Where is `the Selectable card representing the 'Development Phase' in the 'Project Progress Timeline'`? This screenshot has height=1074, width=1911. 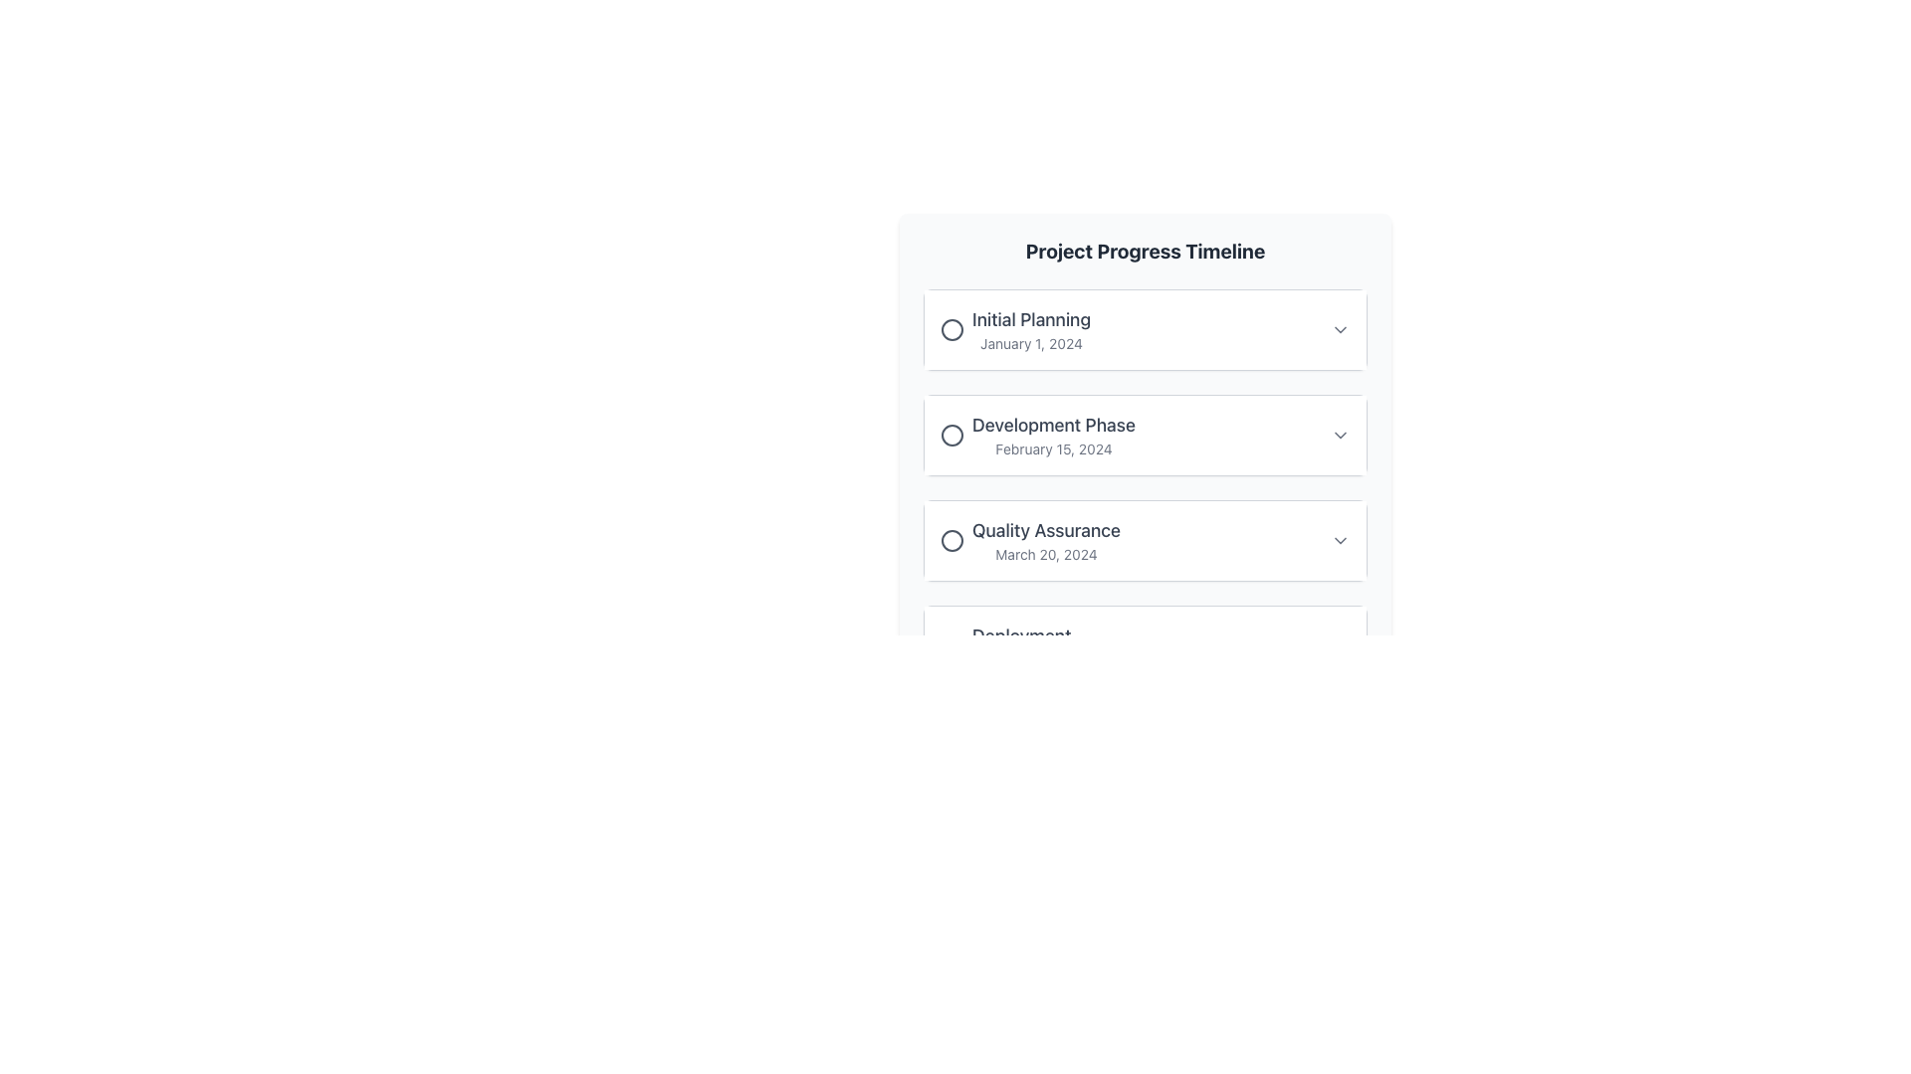 the Selectable card representing the 'Development Phase' in the 'Project Progress Timeline' is located at coordinates (1146, 435).